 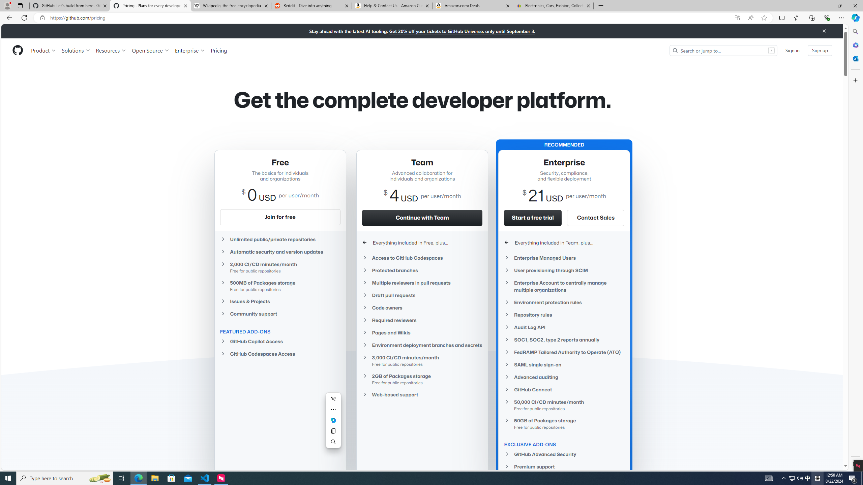 I want to click on 'Product', so click(x=44, y=50).